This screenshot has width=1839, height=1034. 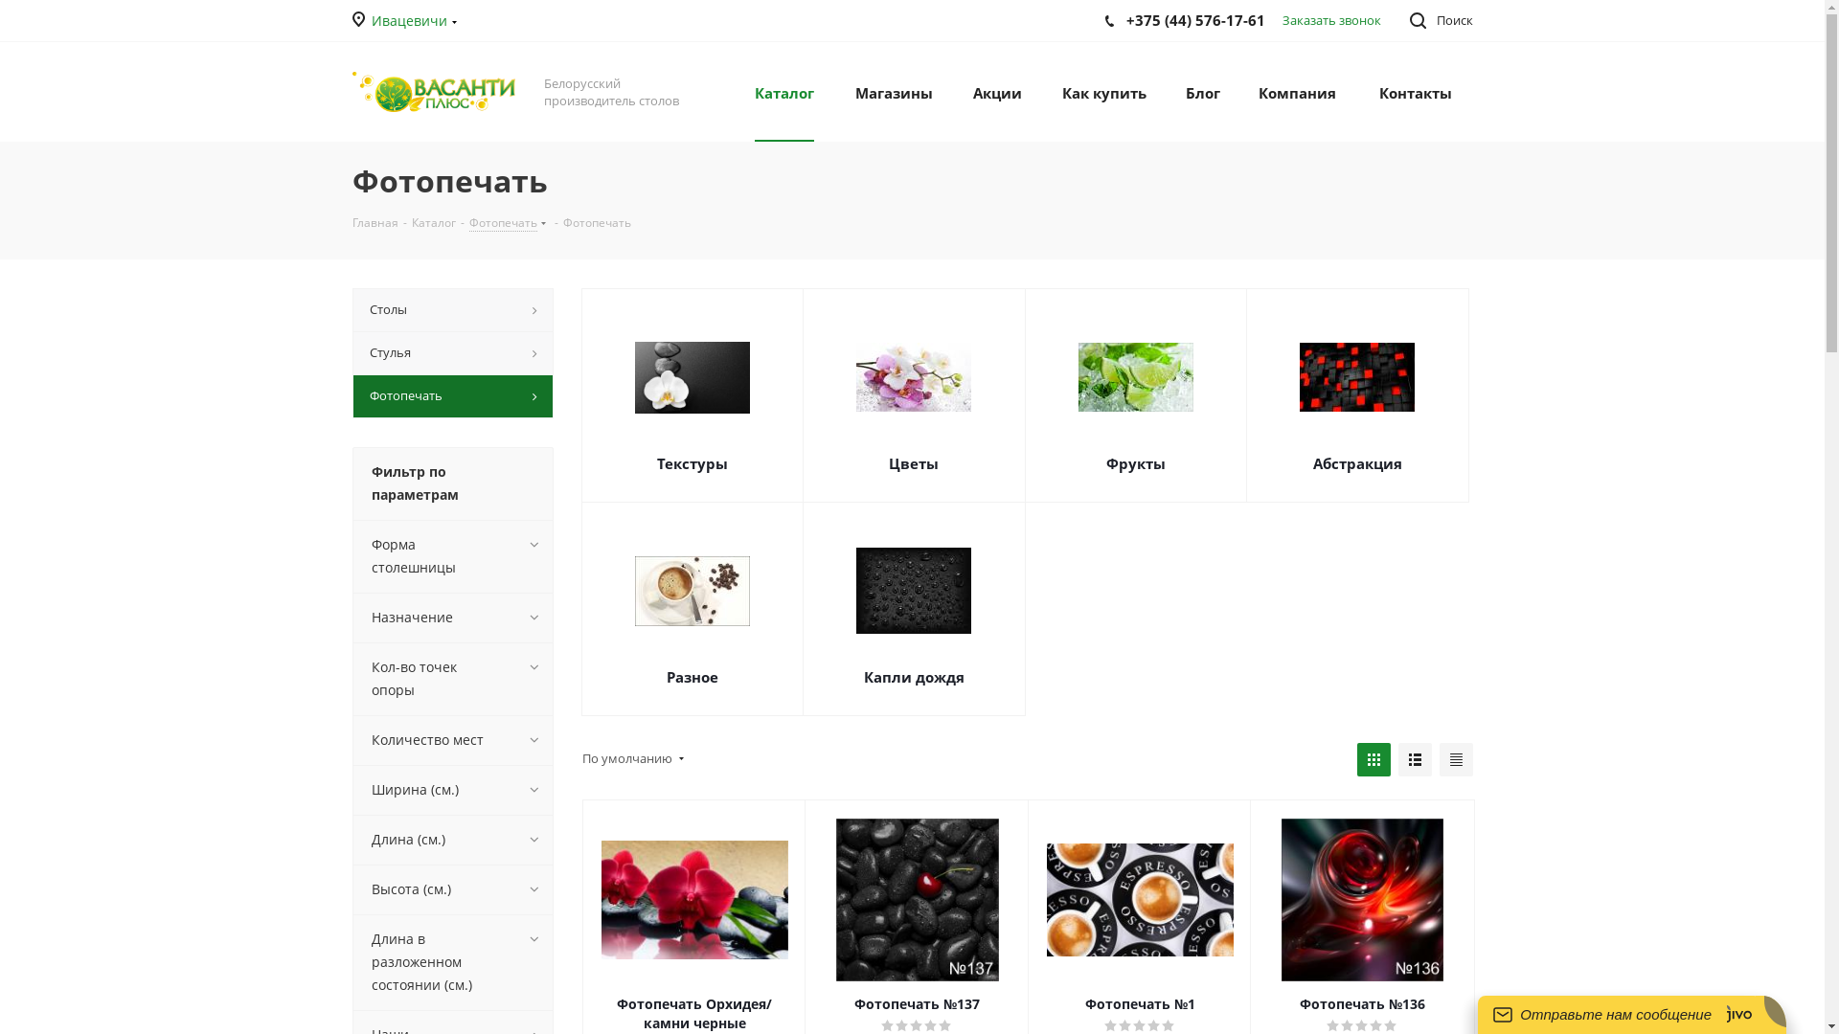 What do you see at coordinates (1375, 1025) in the screenshot?
I see `'4'` at bounding box center [1375, 1025].